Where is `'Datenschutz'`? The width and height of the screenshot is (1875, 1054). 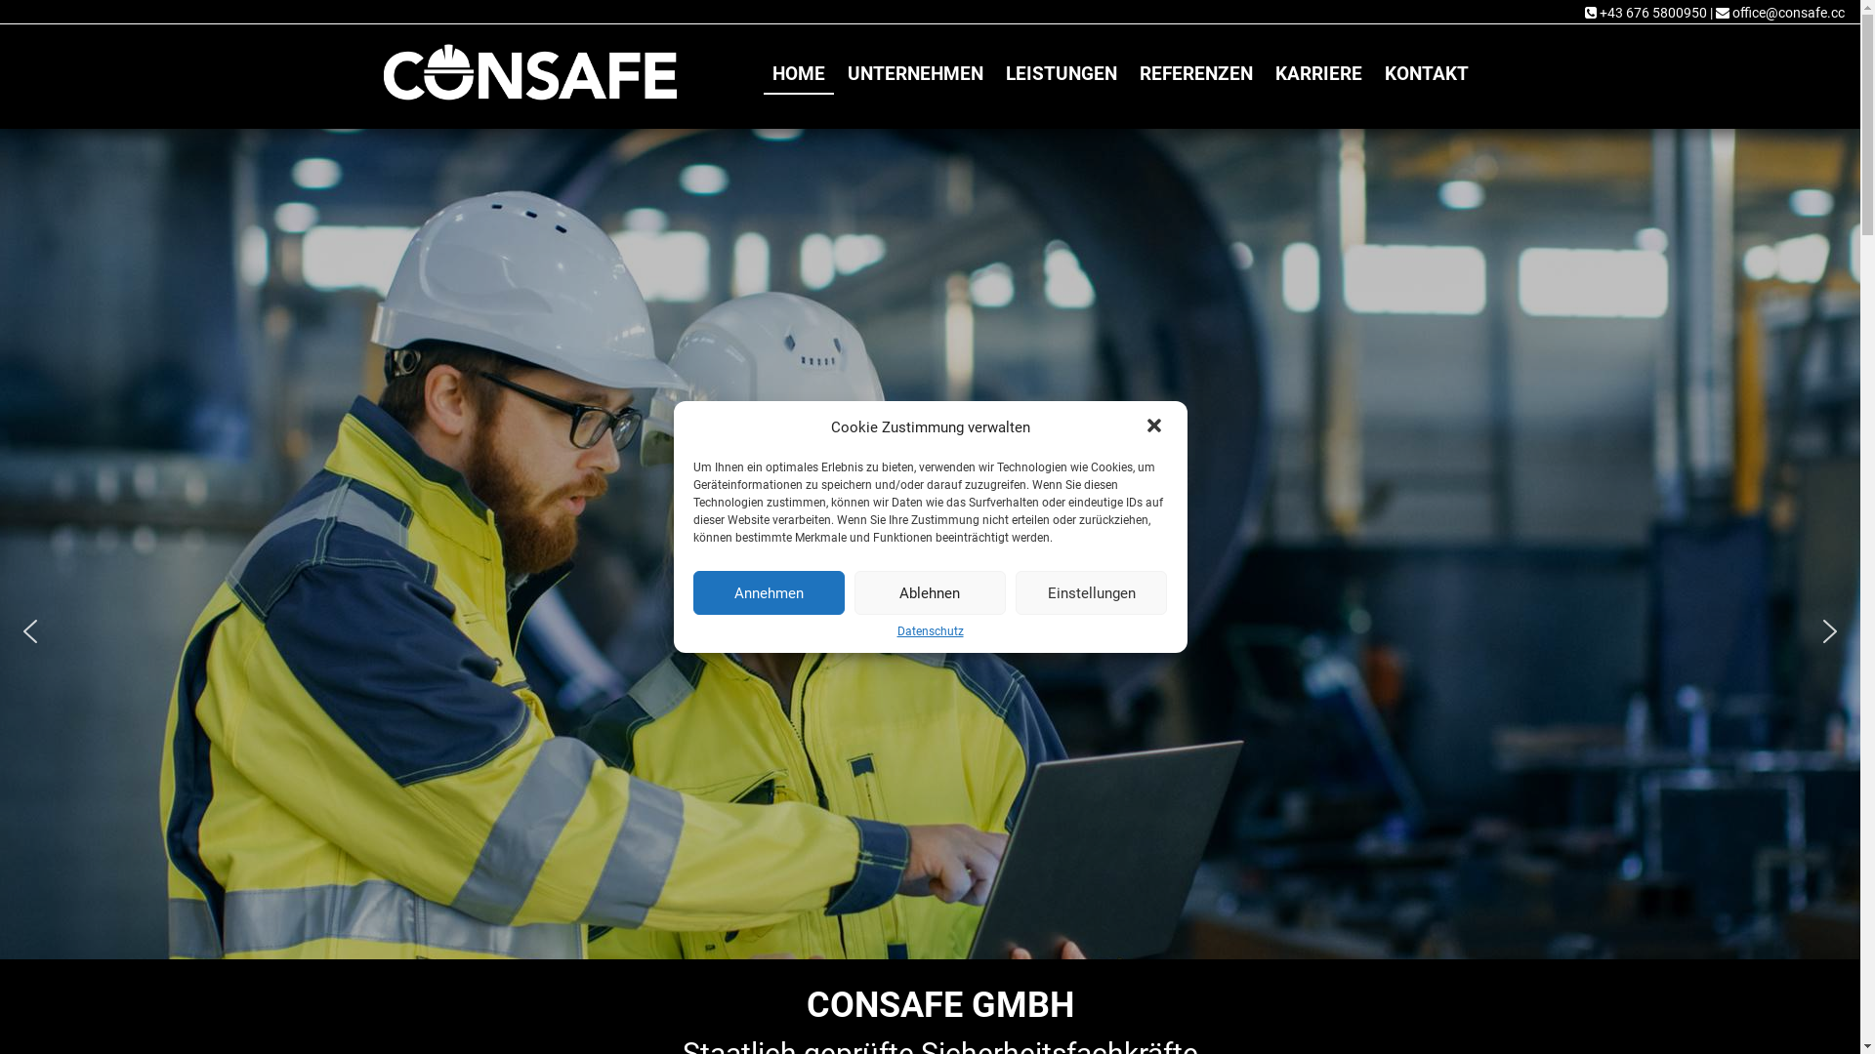 'Datenschutz' is located at coordinates (928, 631).